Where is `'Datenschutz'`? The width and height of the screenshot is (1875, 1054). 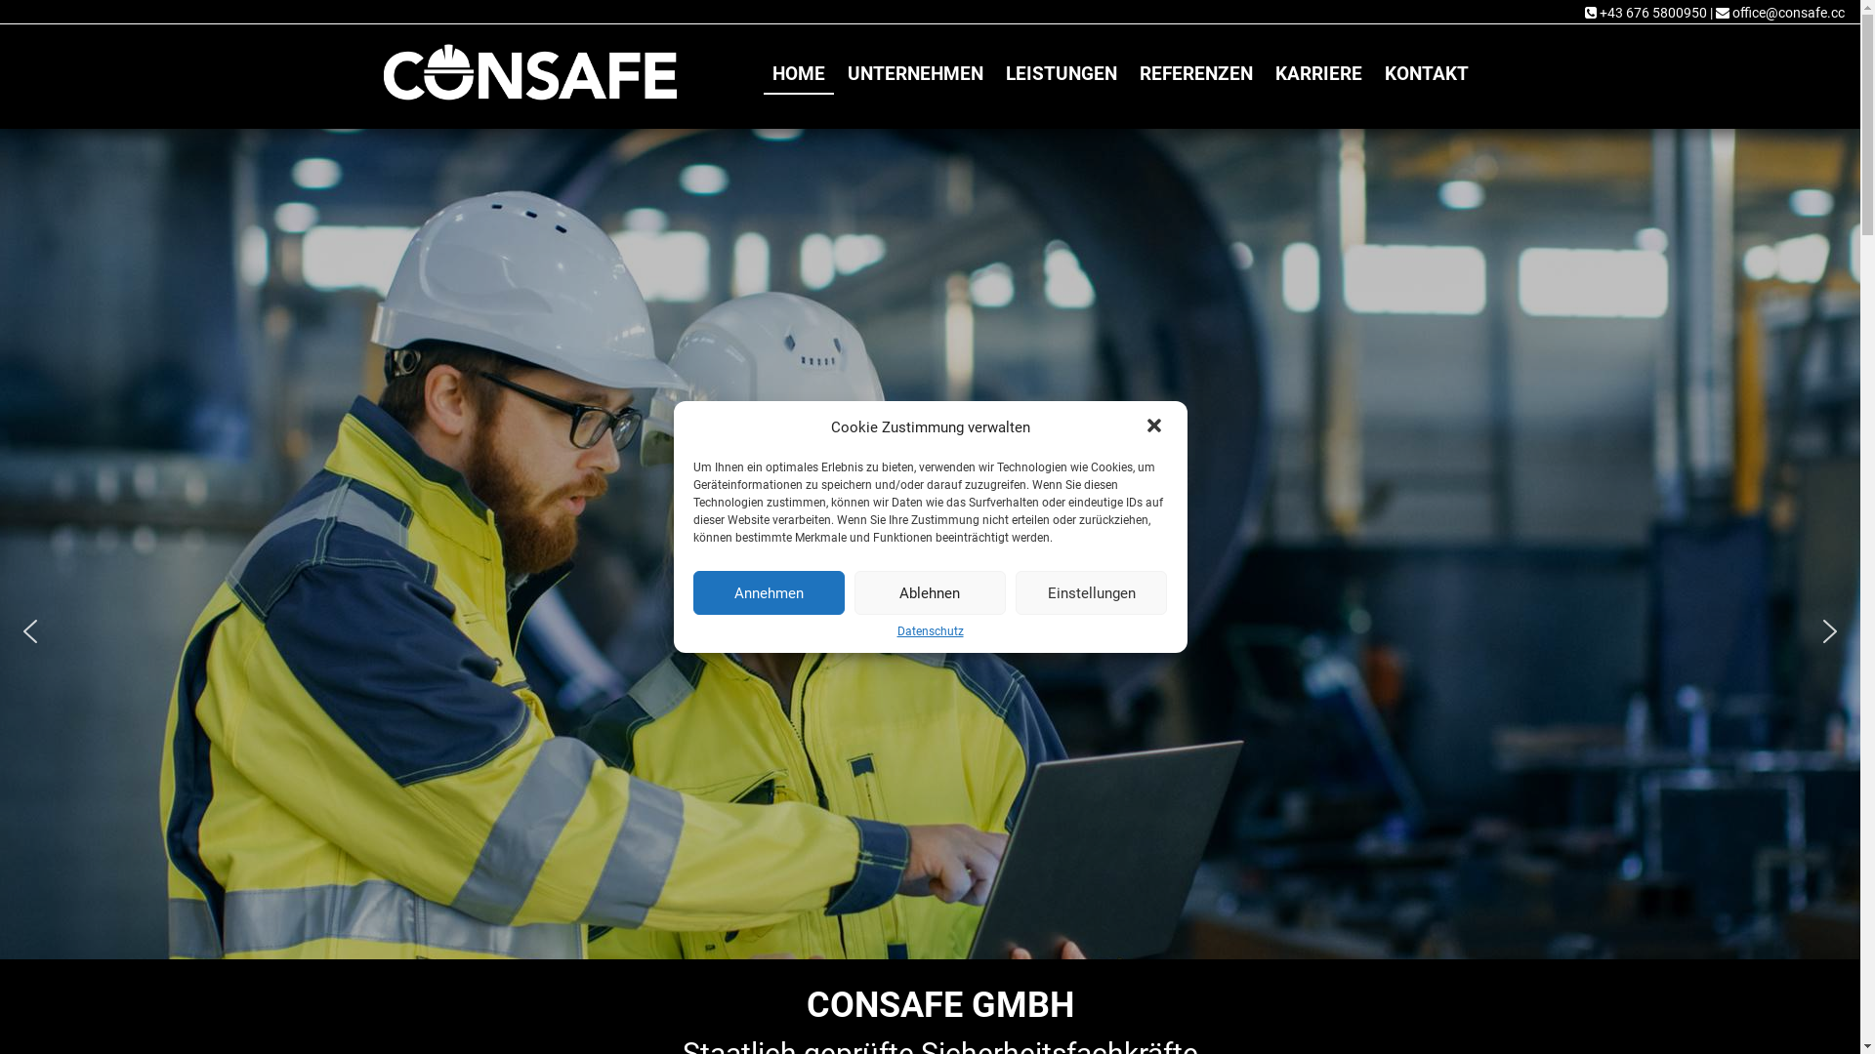 'Datenschutz' is located at coordinates (928, 631).